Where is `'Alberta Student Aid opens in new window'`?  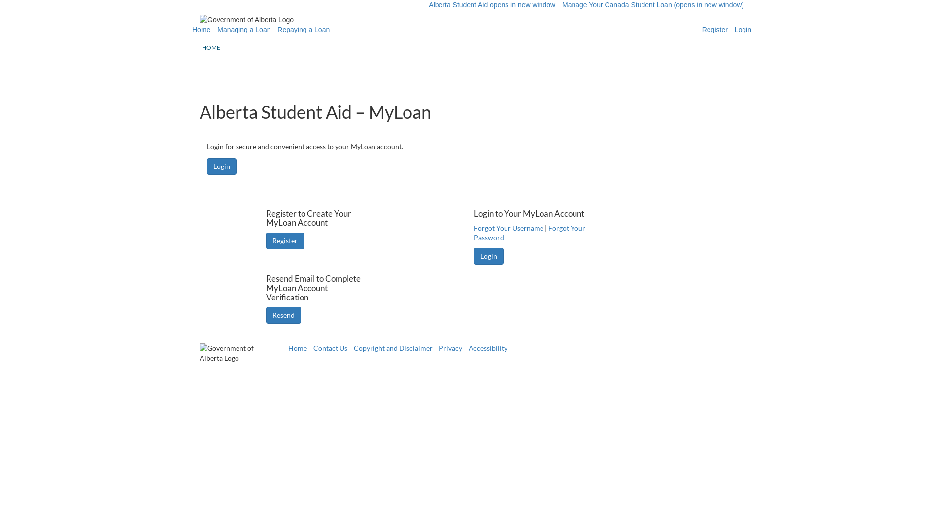 'Alberta Student Aid opens in new window' is located at coordinates (428, 5).